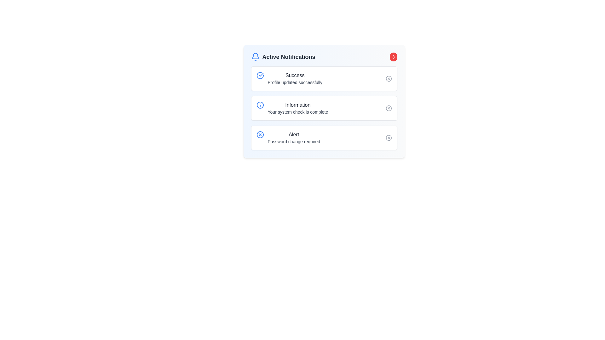 The width and height of the screenshot is (605, 340). Describe the element at coordinates (255, 56) in the screenshot. I see `the upper arch-shaped section of the SVG bell icon, which has a smooth blue outline and is part of the notification component in the top-left corner` at that location.